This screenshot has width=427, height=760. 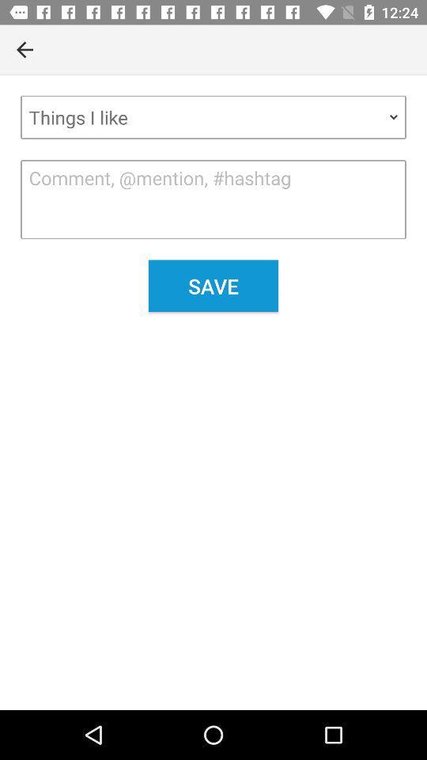 I want to click on the item below things i like item, so click(x=213, y=199).